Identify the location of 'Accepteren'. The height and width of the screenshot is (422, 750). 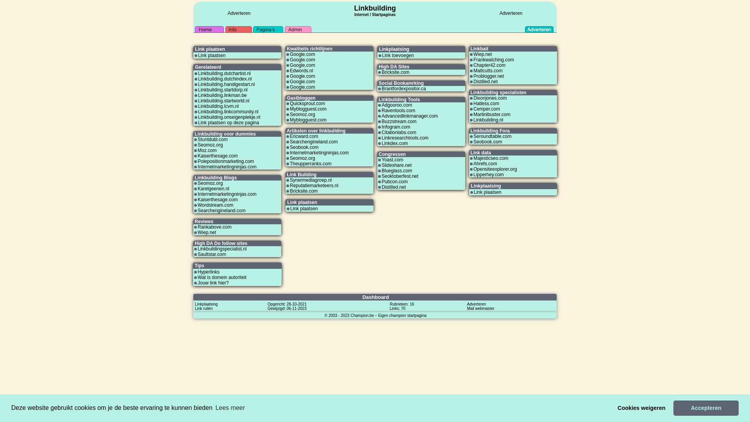
(706, 408).